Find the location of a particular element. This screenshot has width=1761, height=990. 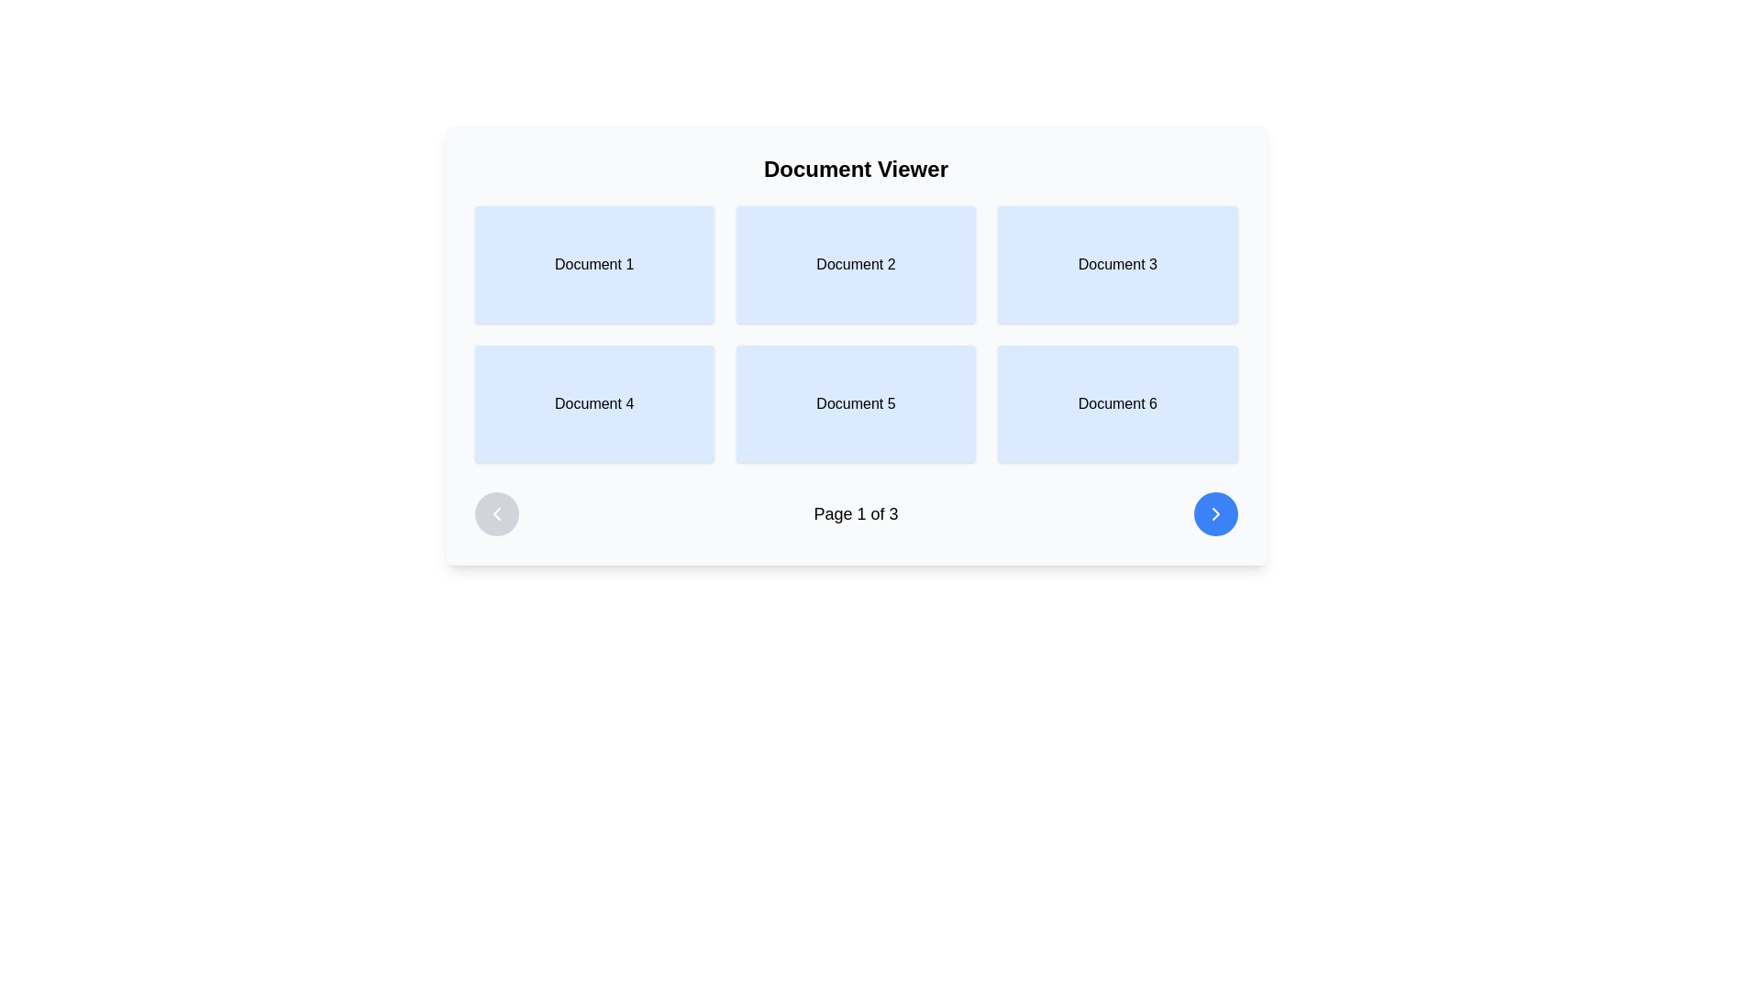

the Text Display that shows the current page number and total number of pages in the pagination system, located at the bottom center of the navigation control bar is located at coordinates (855, 513).